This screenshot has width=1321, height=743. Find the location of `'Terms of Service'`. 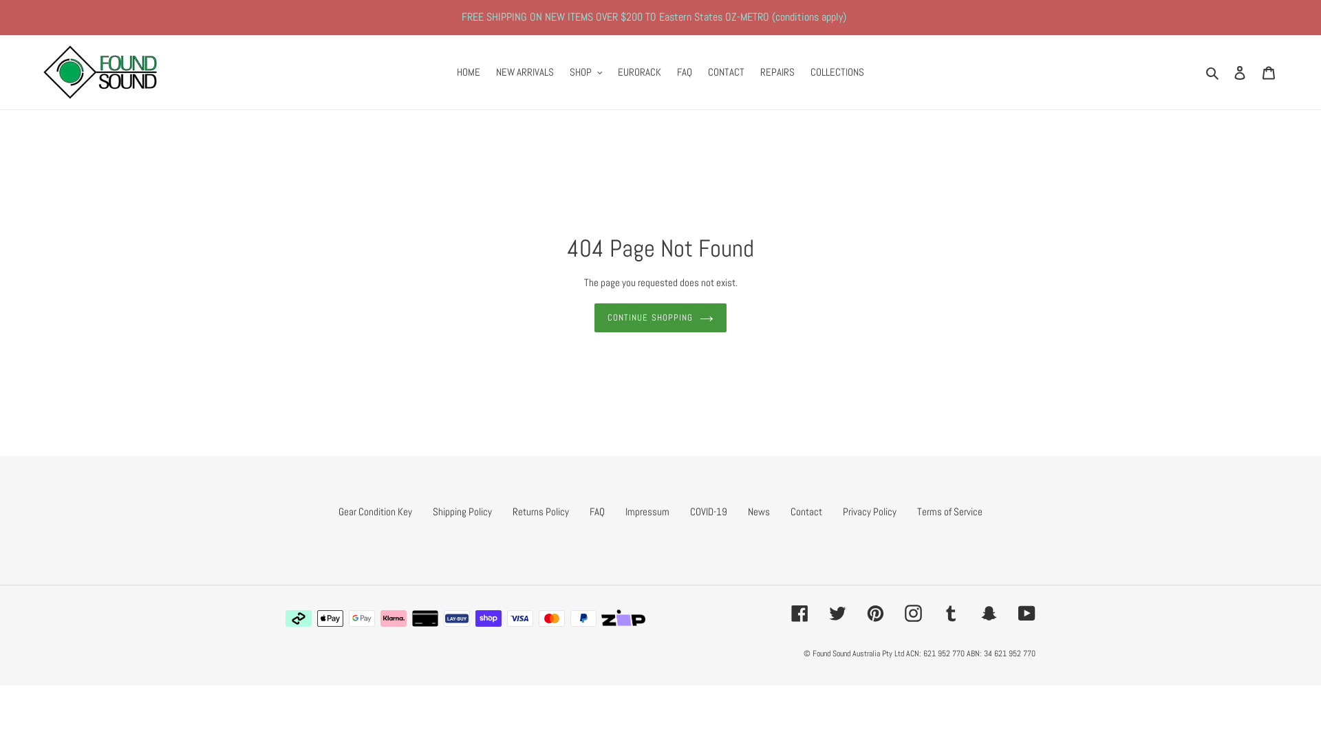

'Terms of Service' is located at coordinates (949, 511).